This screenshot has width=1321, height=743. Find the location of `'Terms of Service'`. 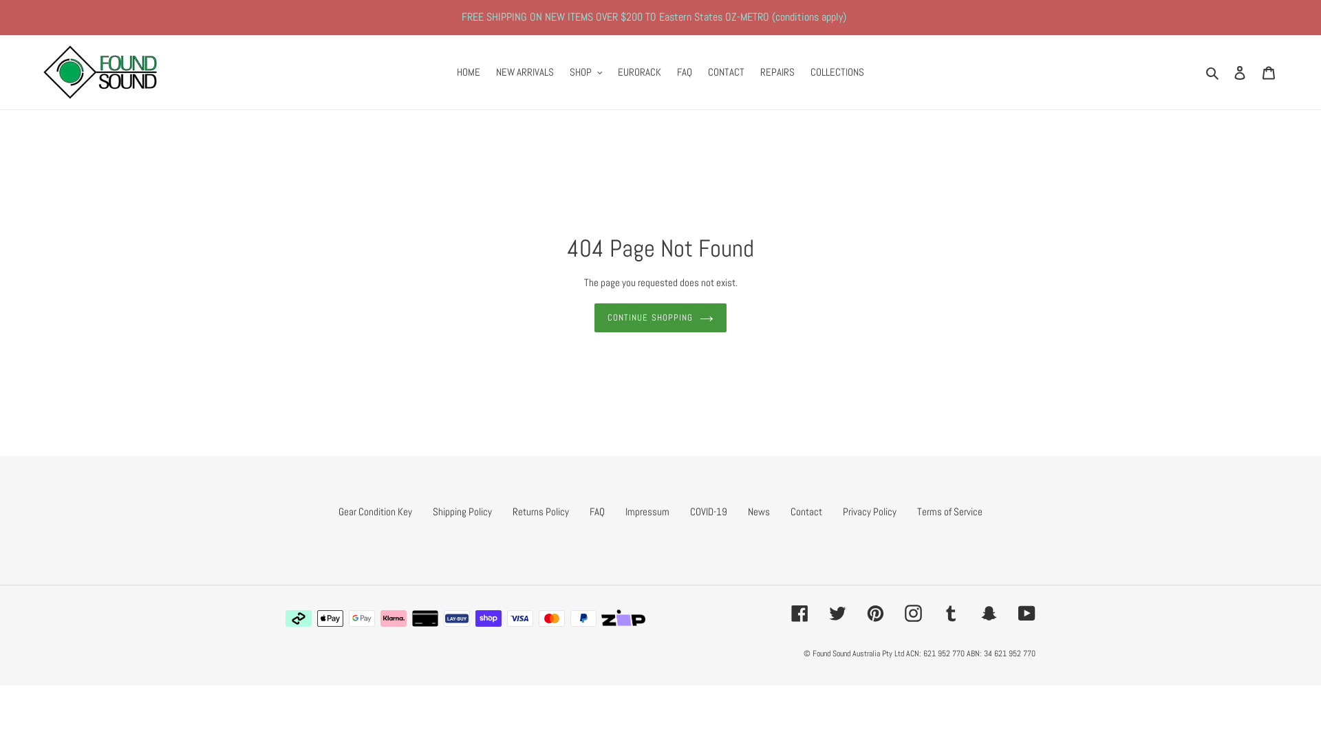

'Terms of Service' is located at coordinates (949, 511).